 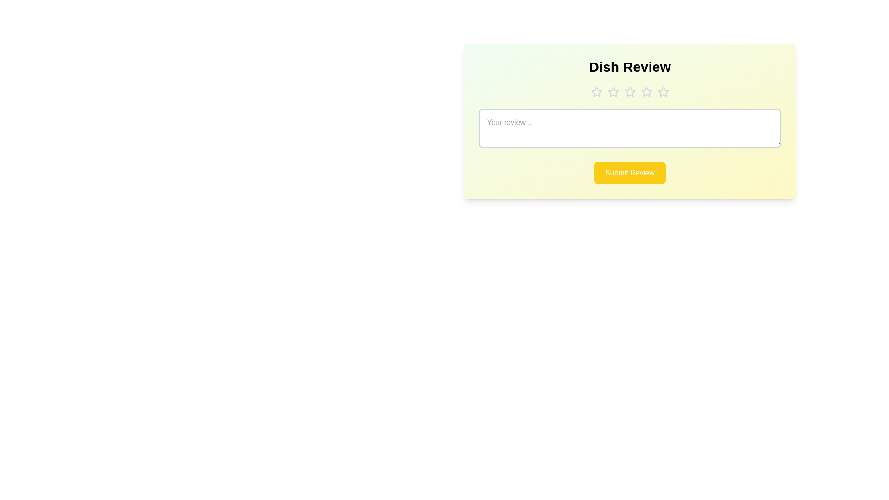 What do you see at coordinates (596, 92) in the screenshot?
I see `the dish rating to 1 stars by clicking on the corresponding star` at bounding box center [596, 92].